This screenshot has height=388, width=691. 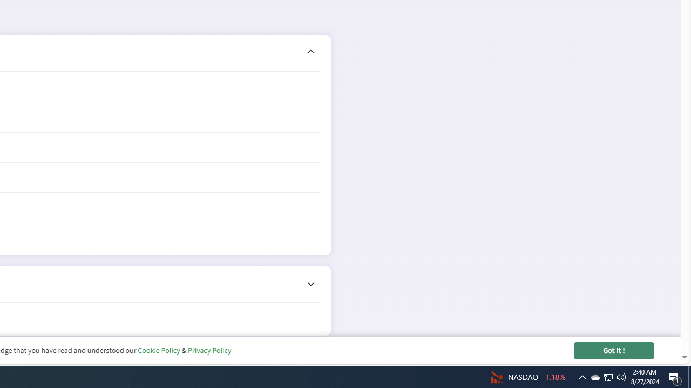 What do you see at coordinates (614, 350) in the screenshot?
I see `'Got It !'` at bounding box center [614, 350].